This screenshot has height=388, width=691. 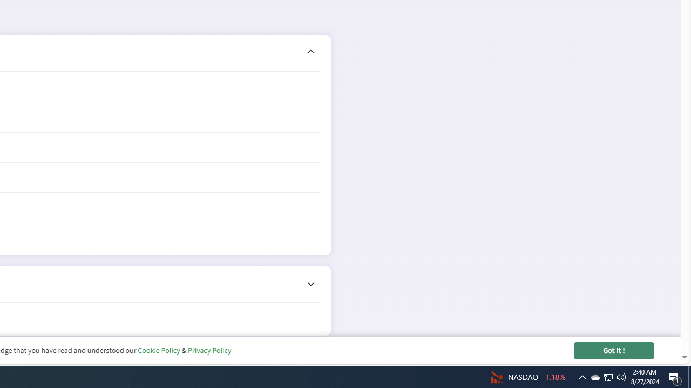 What do you see at coordinates (614, 350) in the screenshot?
I see `'Got It !'` at bounding box center [614, 350].